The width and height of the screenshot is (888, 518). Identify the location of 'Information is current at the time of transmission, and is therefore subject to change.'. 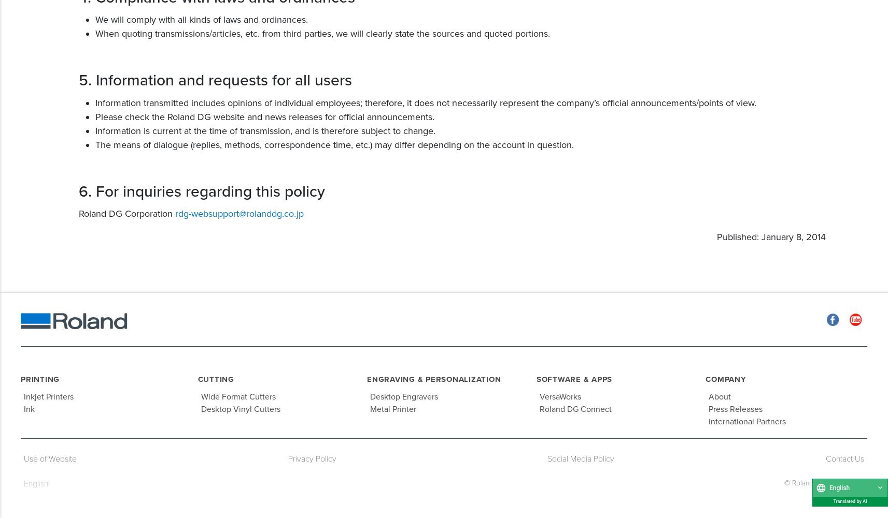
(265, 129).